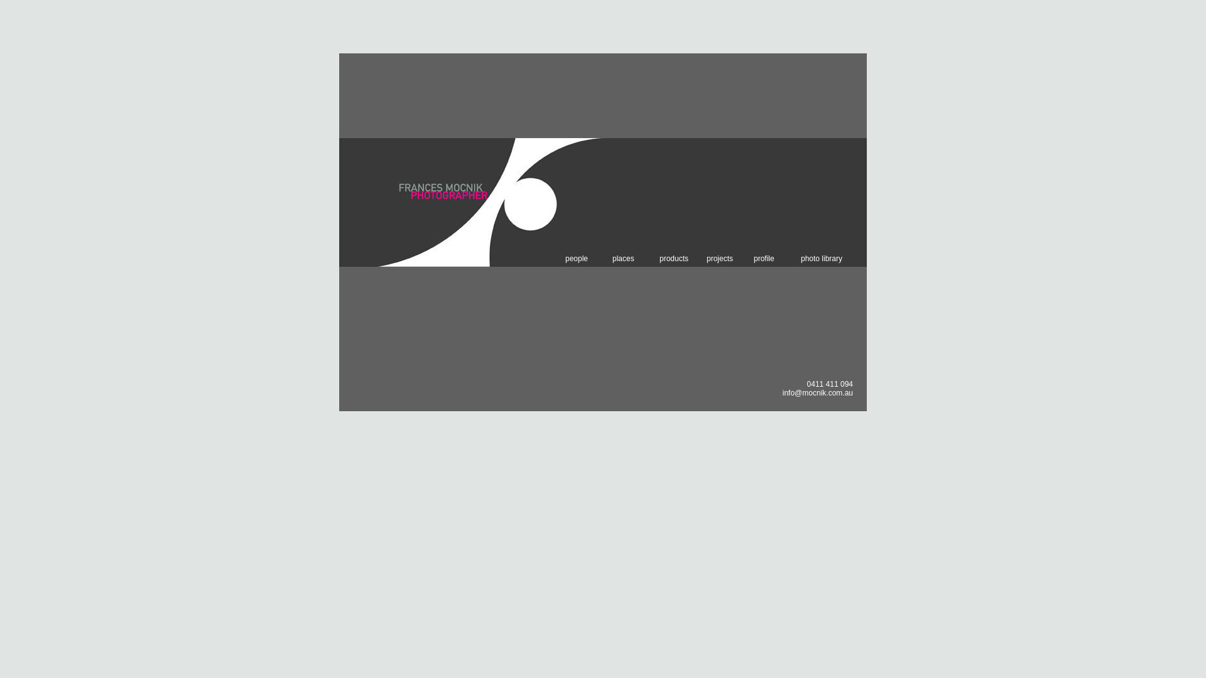 This screenshot has width=1206, height=678. Describe the element at coordinates (824, 258) in the screenshot. I see `'photo library'` at that location.